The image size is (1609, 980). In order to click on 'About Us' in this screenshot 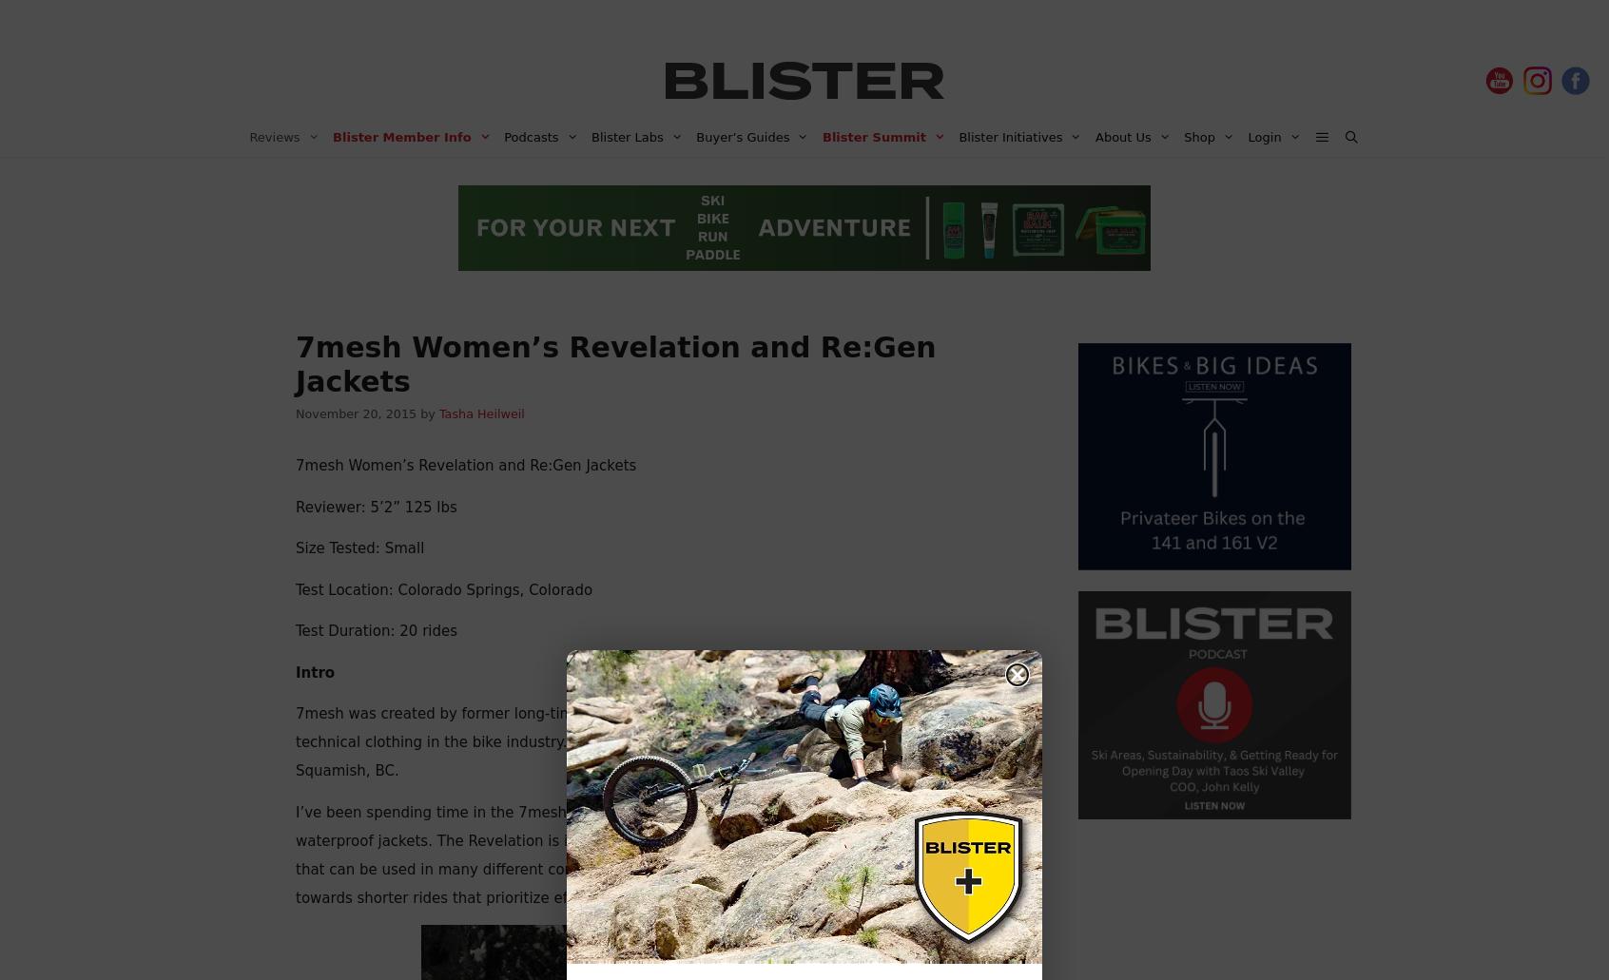, I will do `click(1094, 136)`.